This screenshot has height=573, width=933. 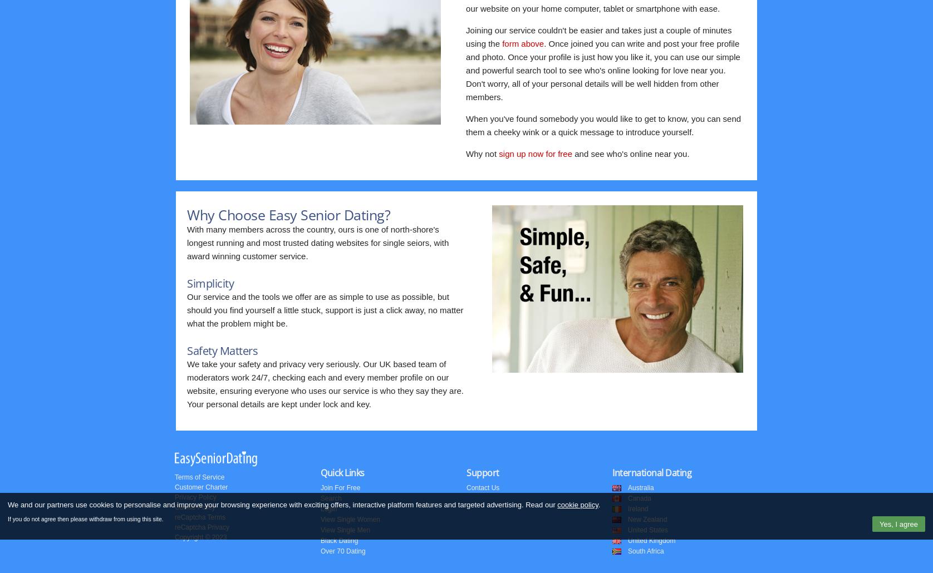 What do you see at coordinates (209, 283) in the screenshot?
I see `'Simplicity'` at bounding box center [209, 283].